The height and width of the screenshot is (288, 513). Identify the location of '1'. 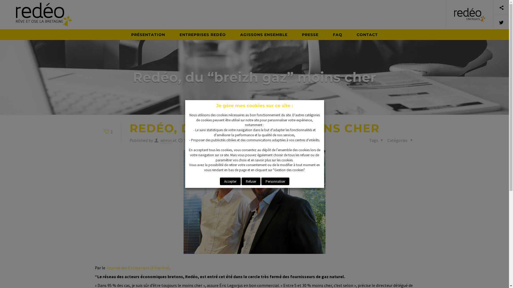
(107, 131).